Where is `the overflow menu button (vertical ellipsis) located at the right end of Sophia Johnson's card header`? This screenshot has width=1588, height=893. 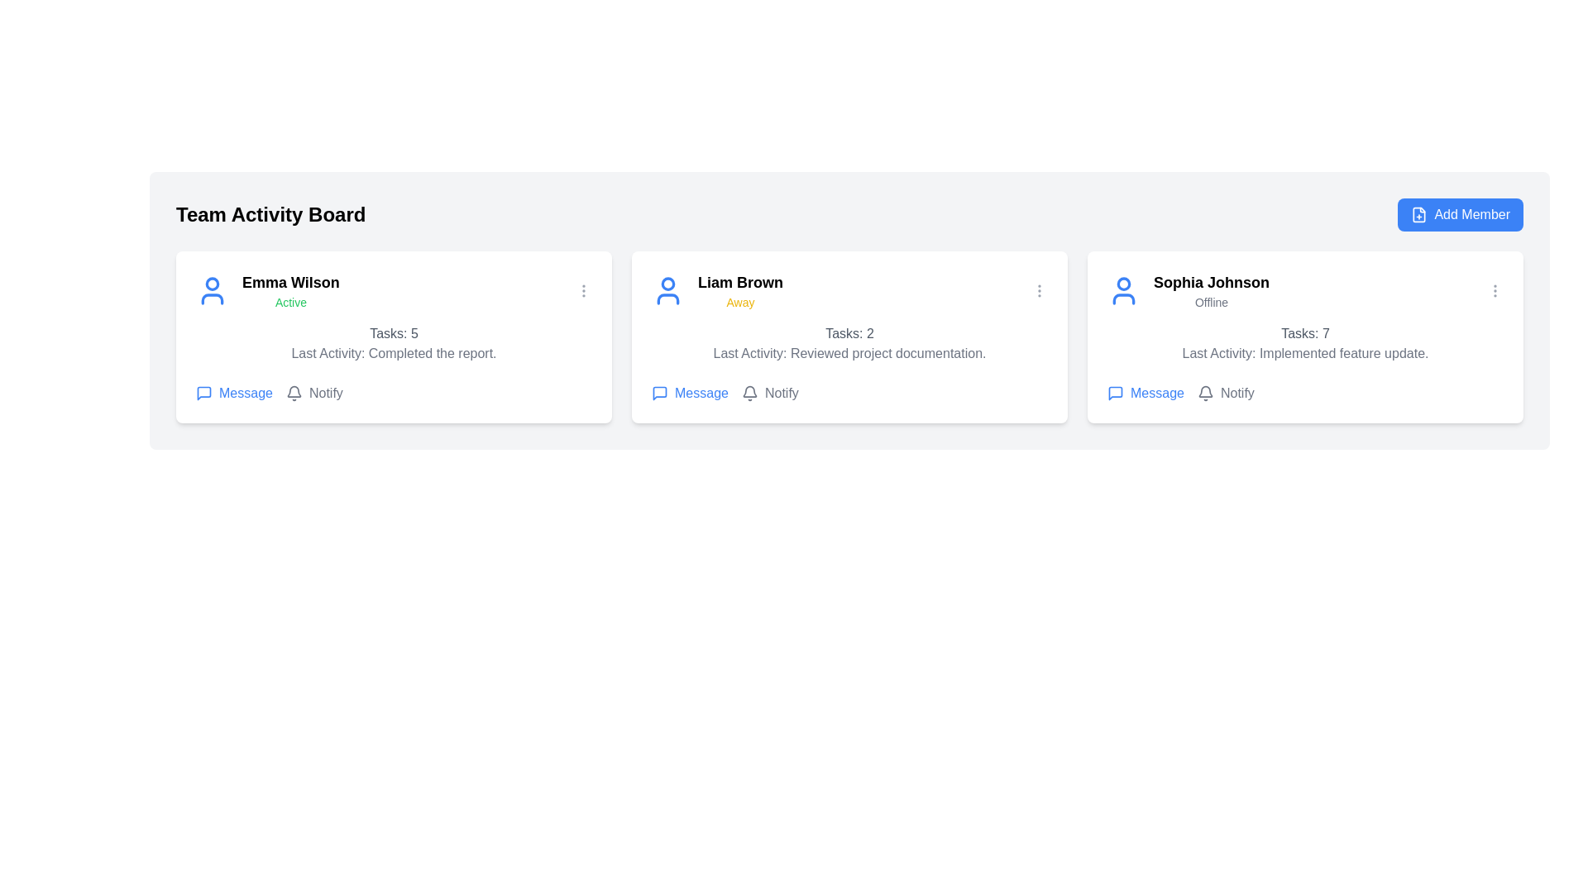 the overflow menu button (vertical ellipsis) located at the right end of Sophia Johnson's card header is located at coordinates (1495, 289).